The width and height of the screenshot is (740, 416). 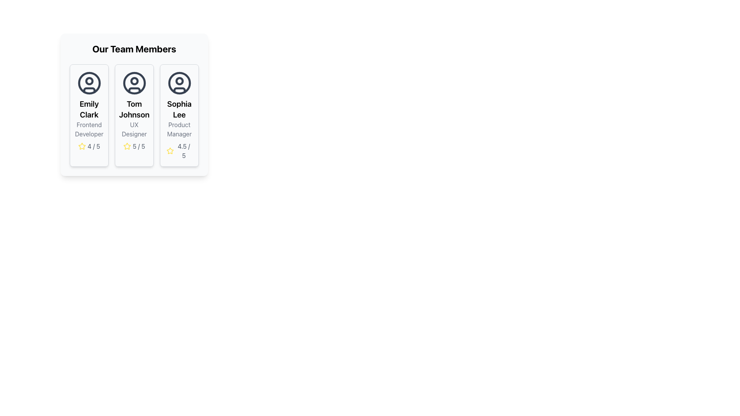 What do you see at coordinates (89, 83) in the screenshot?
I see `the circular shape within the user profile icon of the first profile card (Emily Clark) in the list of team members` at bounding box center [89, 83].